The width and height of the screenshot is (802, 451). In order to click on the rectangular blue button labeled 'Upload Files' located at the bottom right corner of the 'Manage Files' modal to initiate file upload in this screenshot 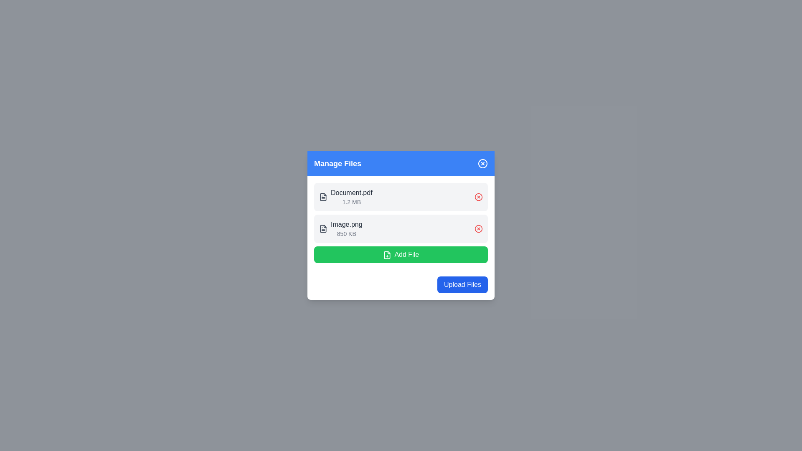, I will do `click(462, 284)`.